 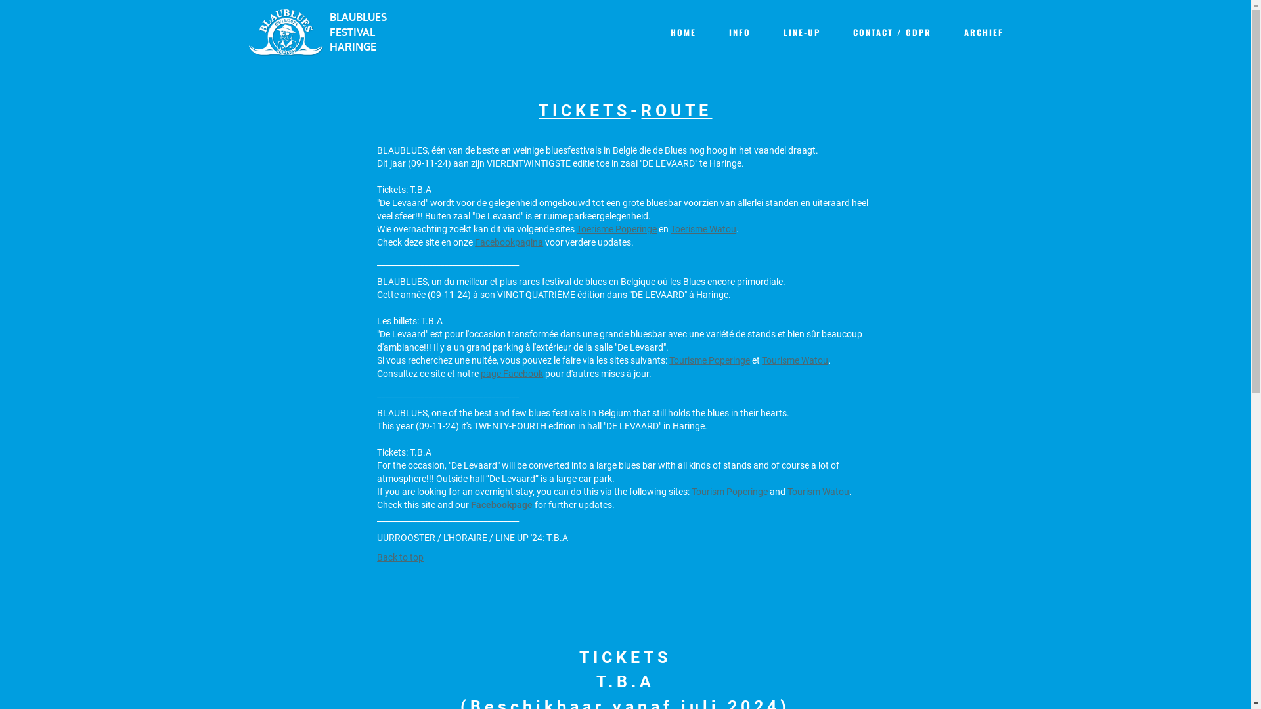 I want to click on 'Tourism Poperinge', so click(x=728, y=491).